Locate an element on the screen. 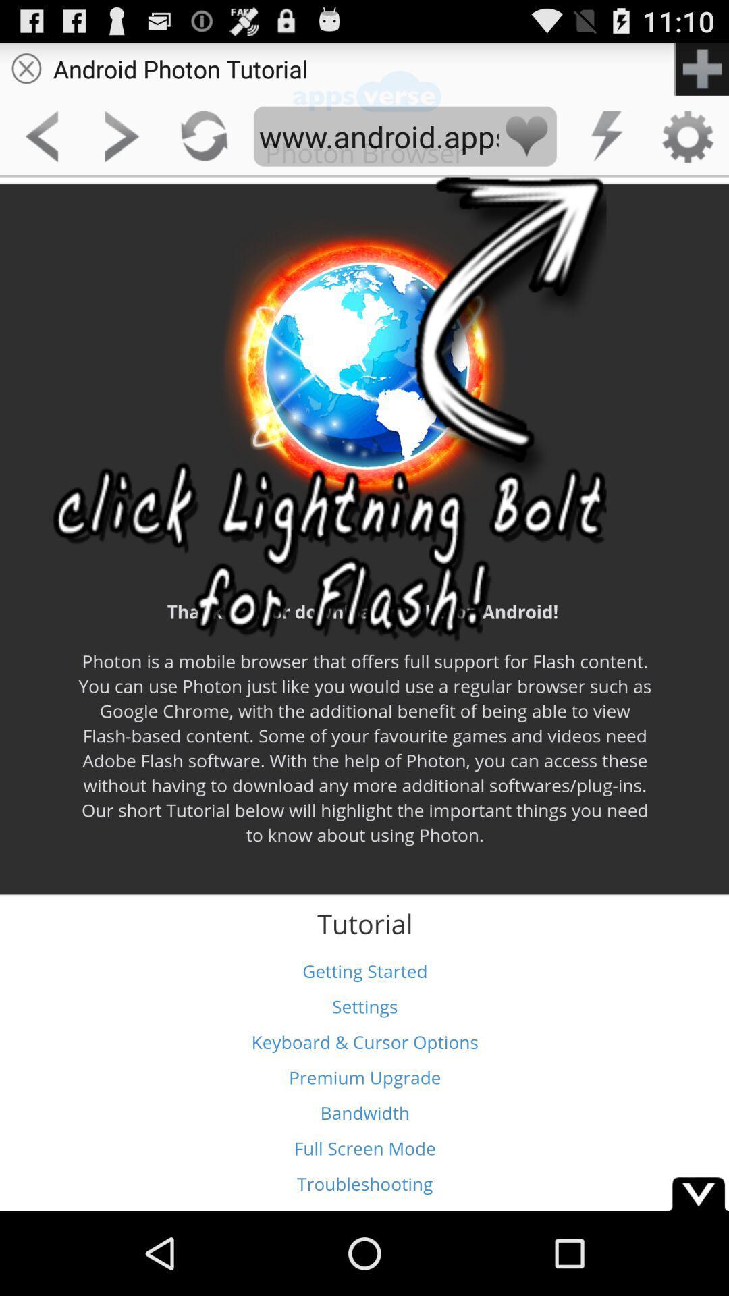  the refresh icon is located at coordinates (203, 146).